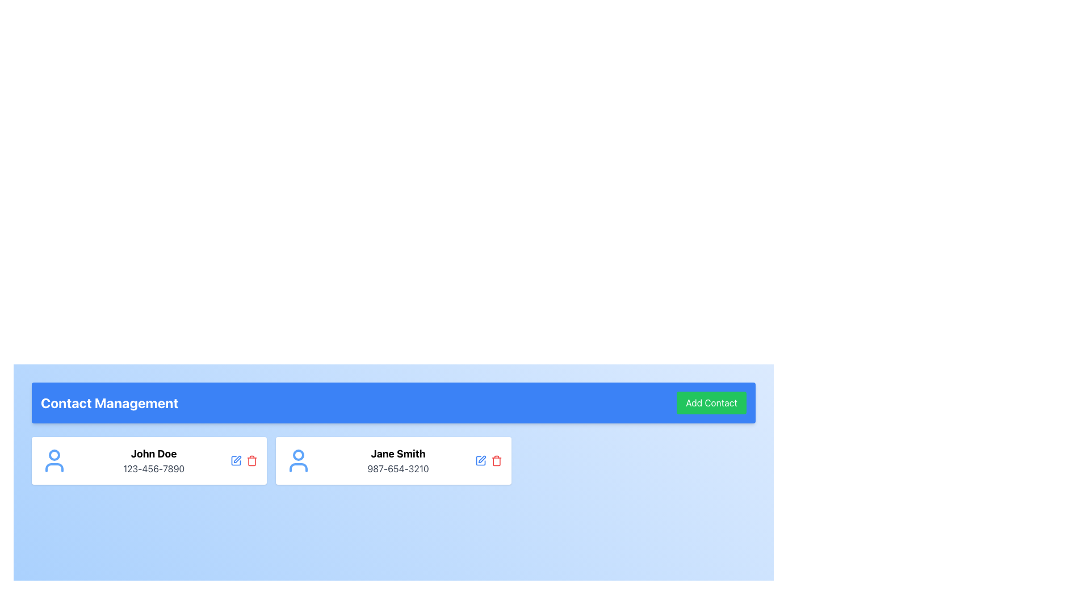 The height and width of the screenshot is (613, 1090). Describe the element at coordinates (299, 461) in the screenshot. I see `the user icon representing 'Jane Smith' within the contact card, which is styled in blue and located to the left of the contact details` at that location.